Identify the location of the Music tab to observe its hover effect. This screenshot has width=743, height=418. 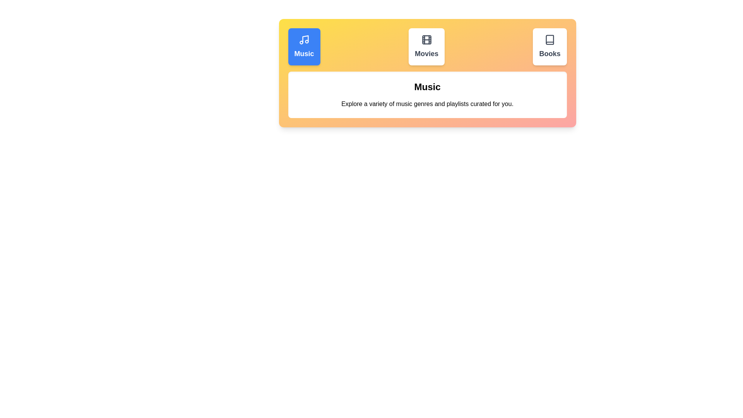
(304, 46).